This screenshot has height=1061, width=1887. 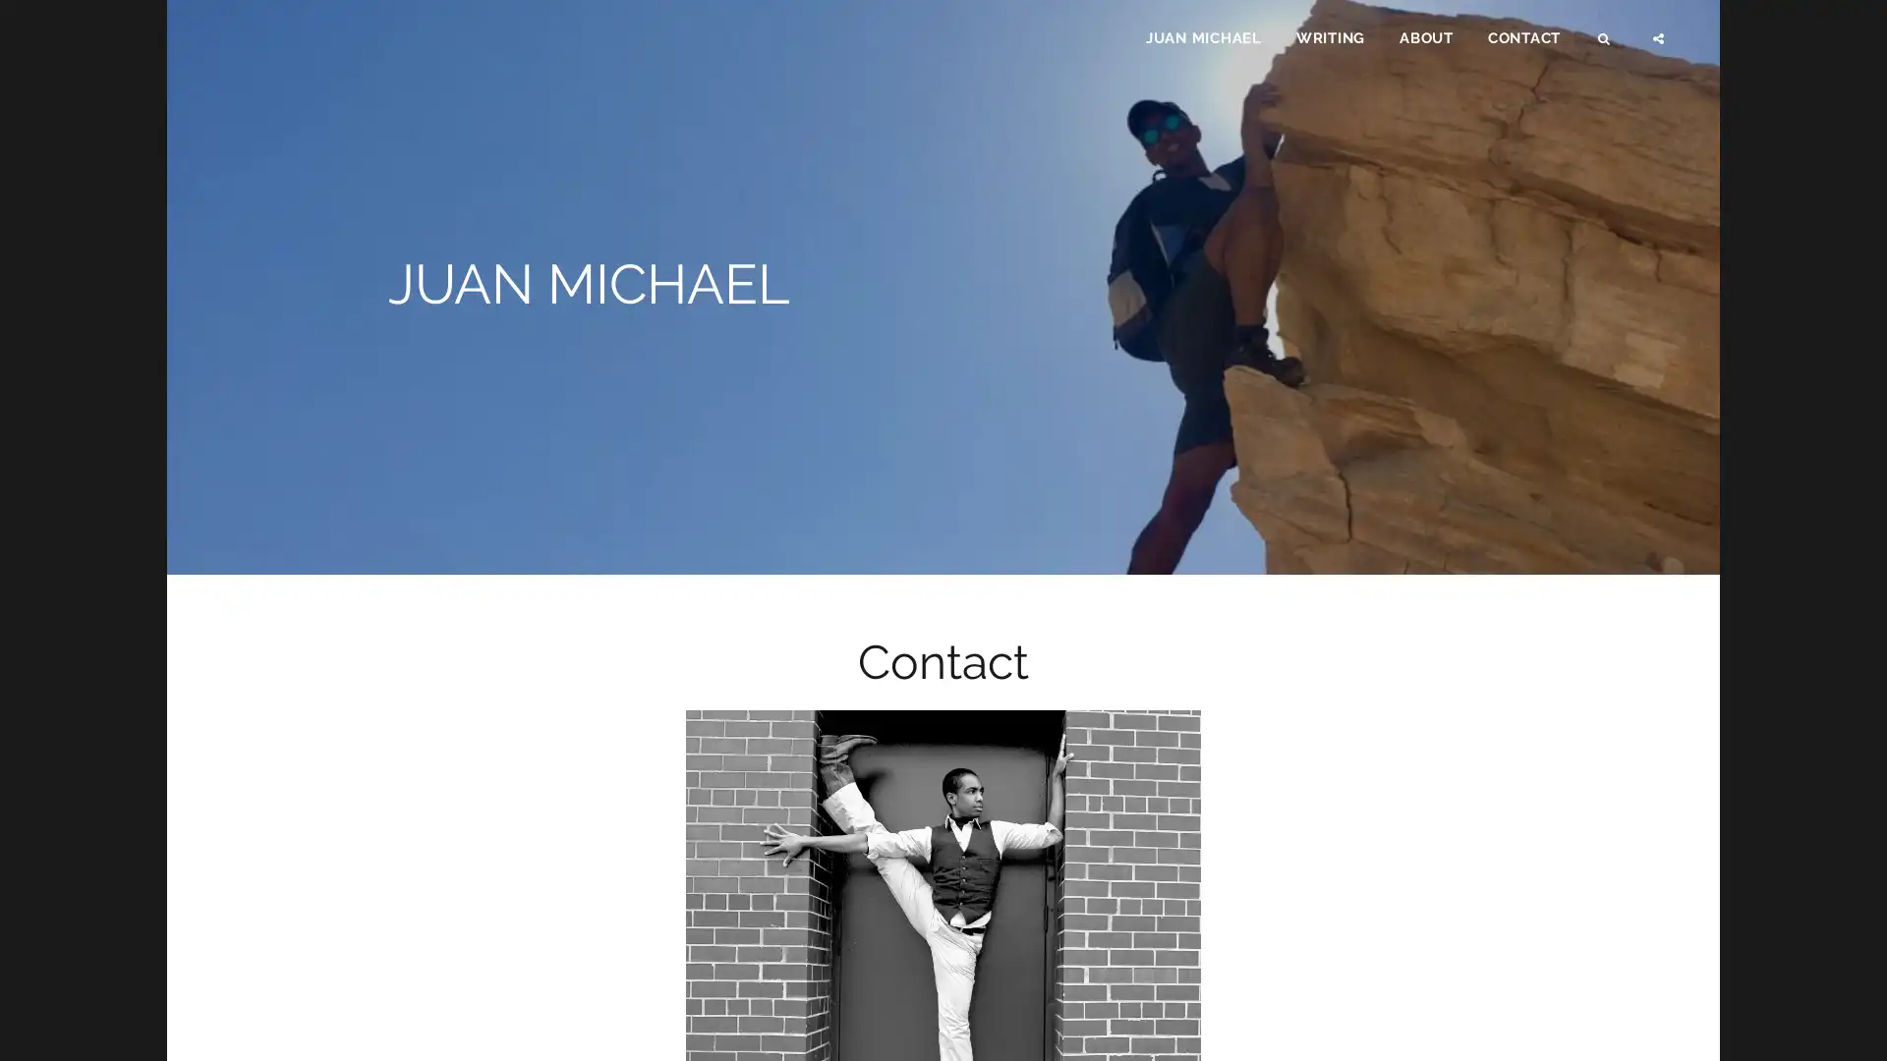 I want to click on SEARCH, so click(x=1605, y=45).